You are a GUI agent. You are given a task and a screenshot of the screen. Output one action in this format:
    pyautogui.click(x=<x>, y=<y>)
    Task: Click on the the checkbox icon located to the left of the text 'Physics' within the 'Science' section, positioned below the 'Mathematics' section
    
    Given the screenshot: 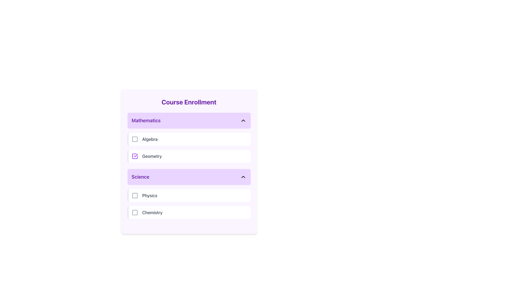 What is the action you would take?
    pyautogui.click(x=135, y=196)
    